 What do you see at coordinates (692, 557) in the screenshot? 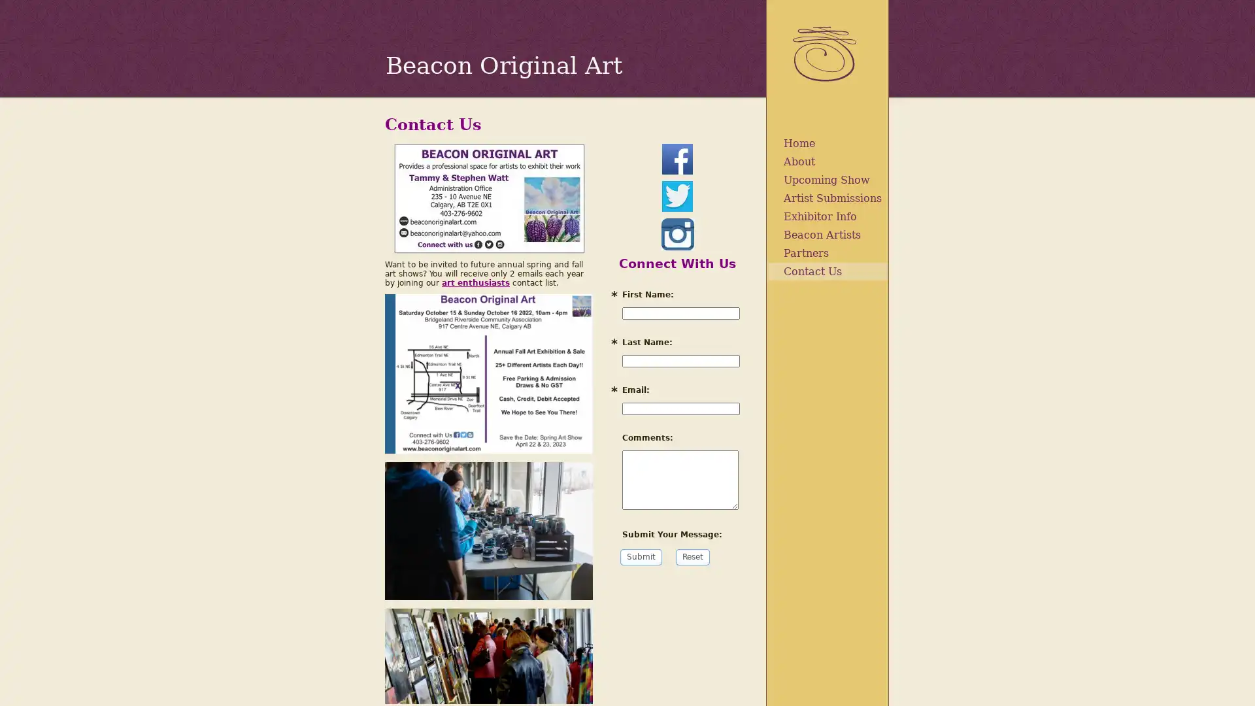
I see `Reset` at bounding box center [692, 557].